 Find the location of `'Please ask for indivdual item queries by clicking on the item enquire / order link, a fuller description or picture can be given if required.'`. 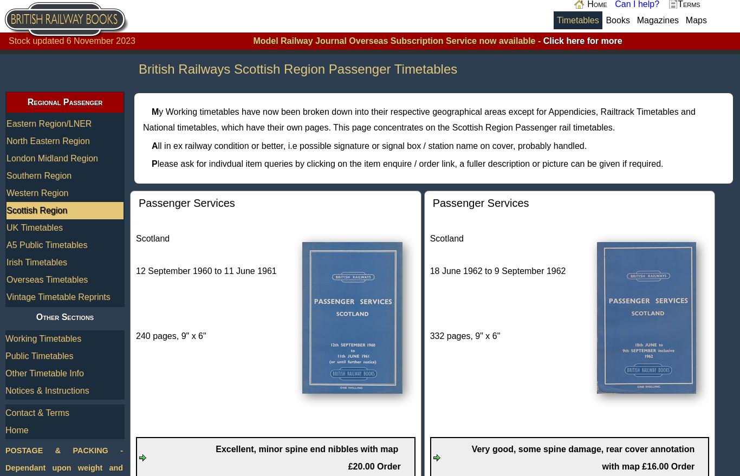

'Please ask for indivdual item queries by clicking on the item enquire / order link, a fuller description or picture can be given if required.' is located at coordinates (152, 164).